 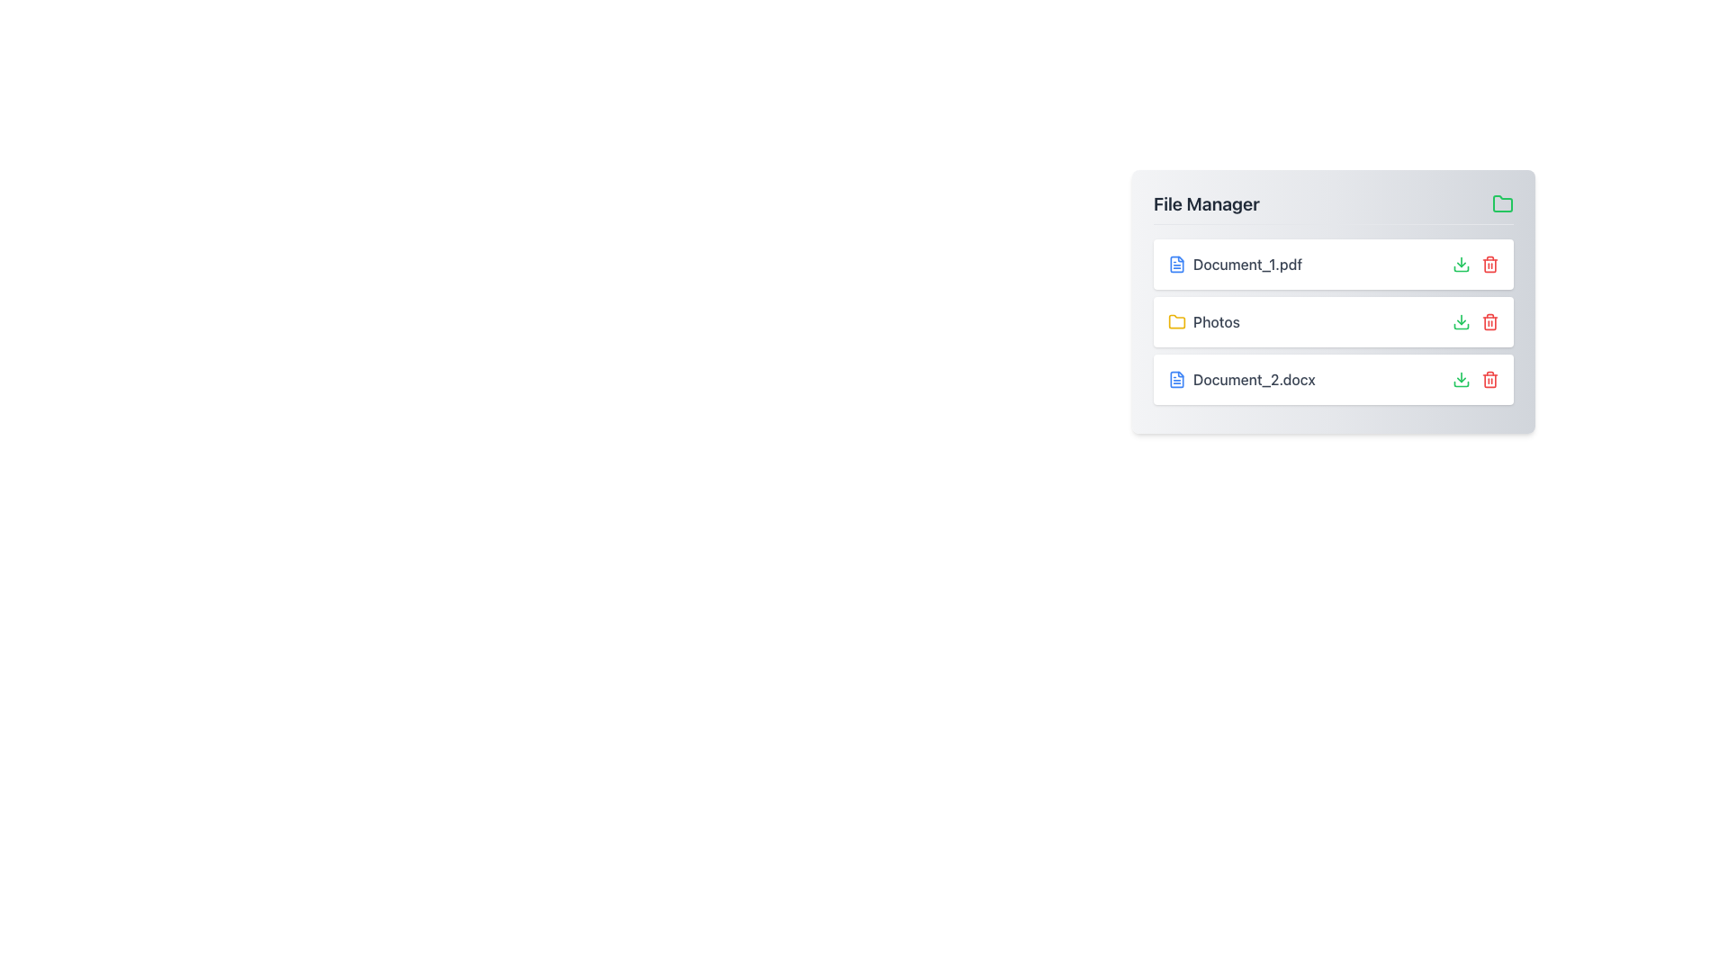 I want to click on the green download icon located to the right of the 'Photos' folder entry in the File Manager interface to download the folder, so click(x=1461, y=321).